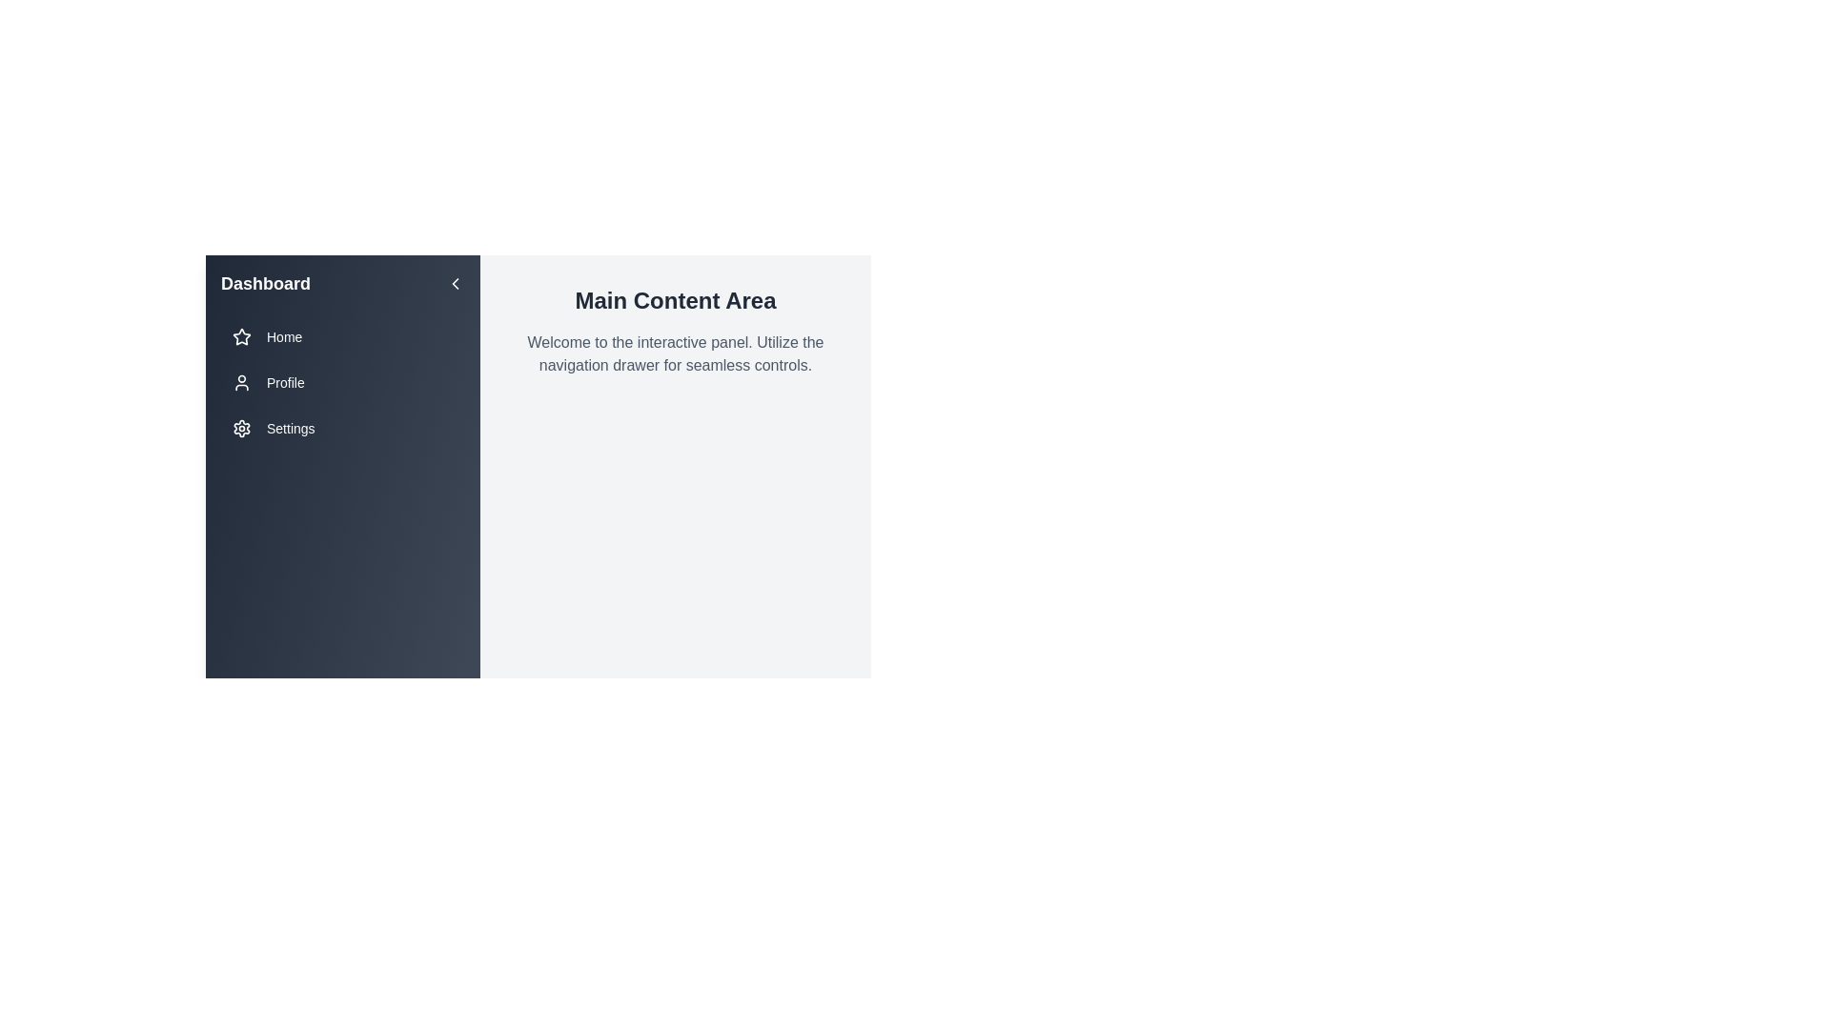 This screenshot has width=1830, height=1029. Describe the element at coordinates (283, 336) in the screenshot. I see `the 'Home' text label located in the navigation menu, which is styled in a standard format and positioned next to a star-shaped icon` at that location.